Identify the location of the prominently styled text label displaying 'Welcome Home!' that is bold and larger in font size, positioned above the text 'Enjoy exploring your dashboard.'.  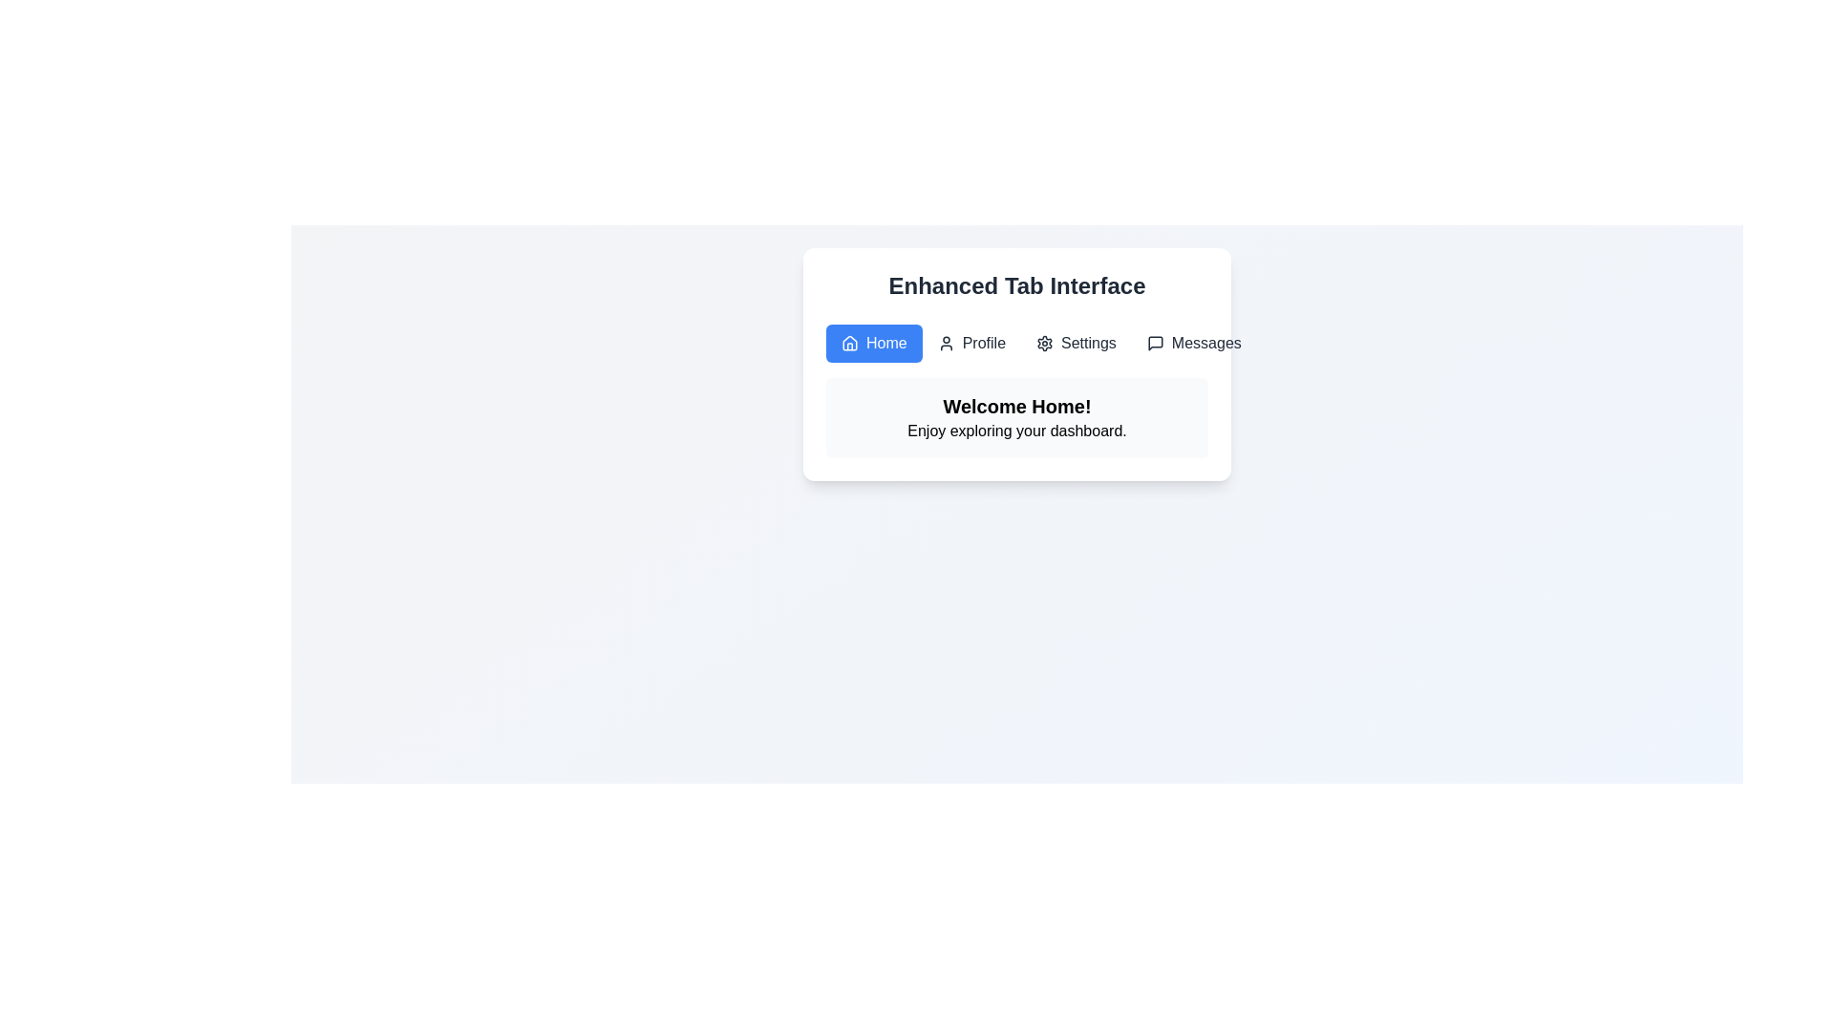
(1016, 405).